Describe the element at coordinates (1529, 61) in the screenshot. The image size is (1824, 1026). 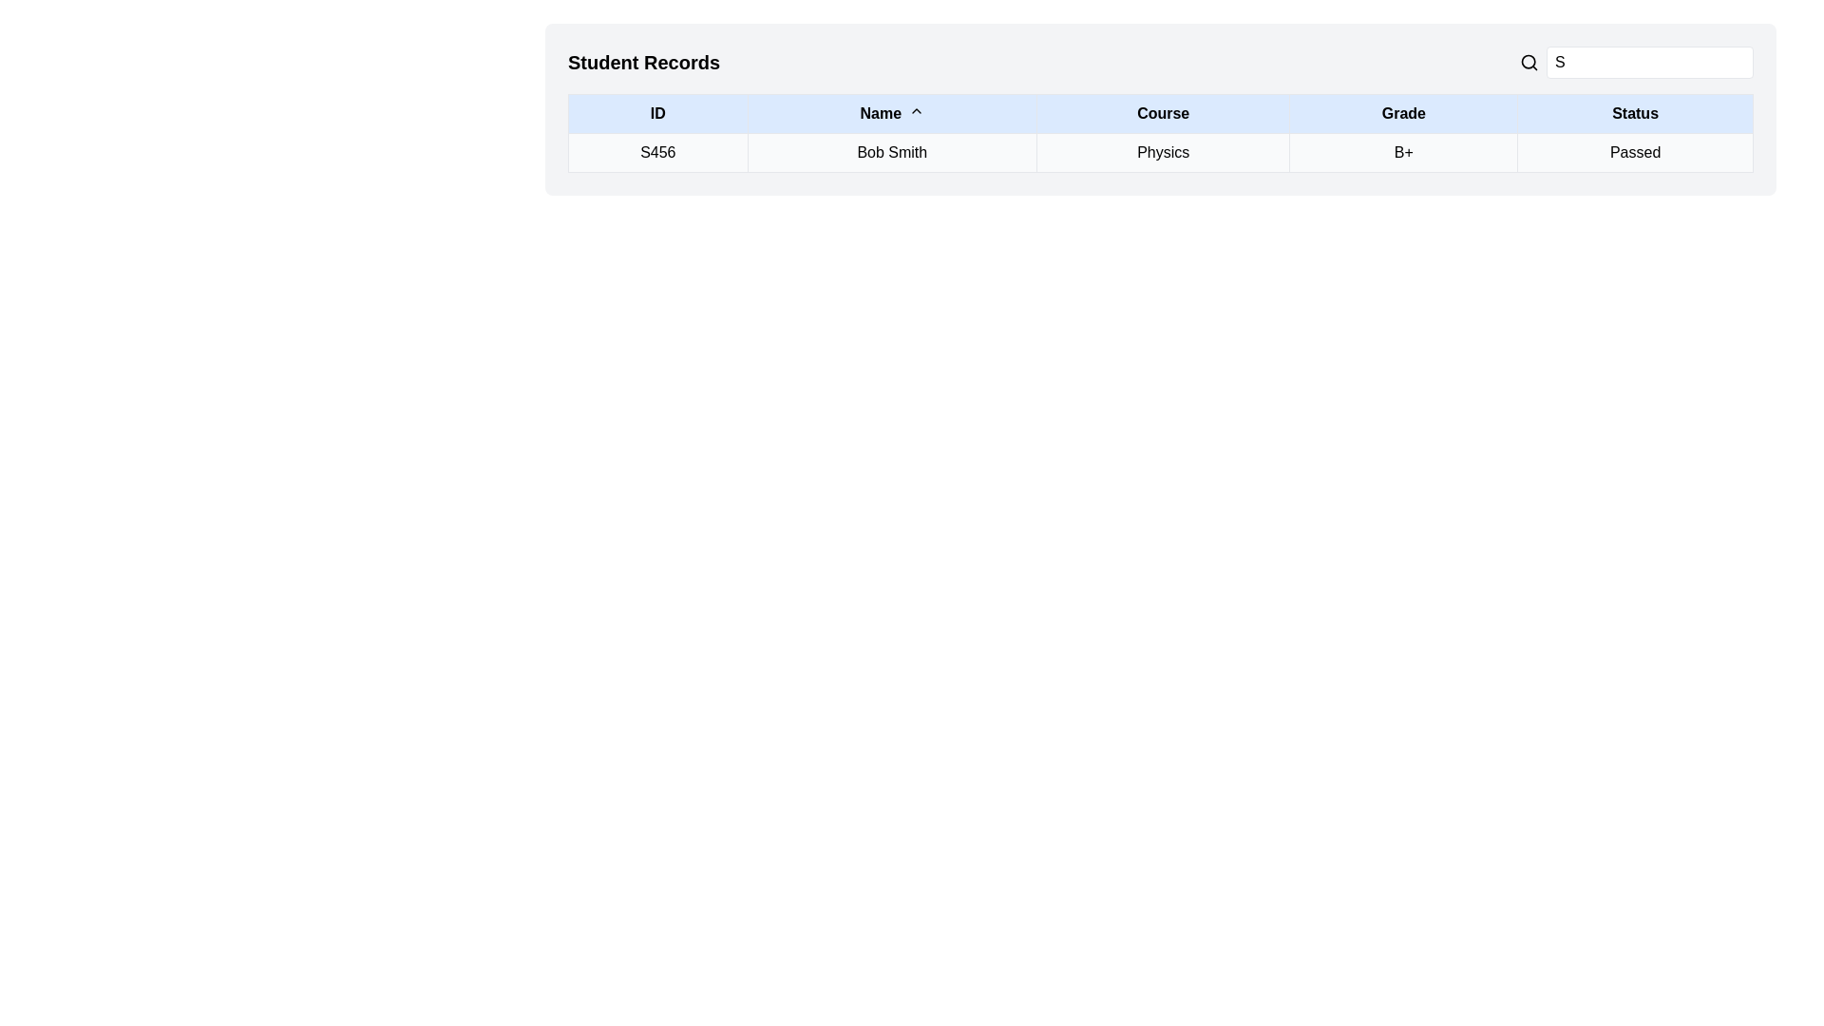
I see `the search icon located on the leftmost side of the search bar, which symbolizes the search functionality, to initiate a search` at that location.